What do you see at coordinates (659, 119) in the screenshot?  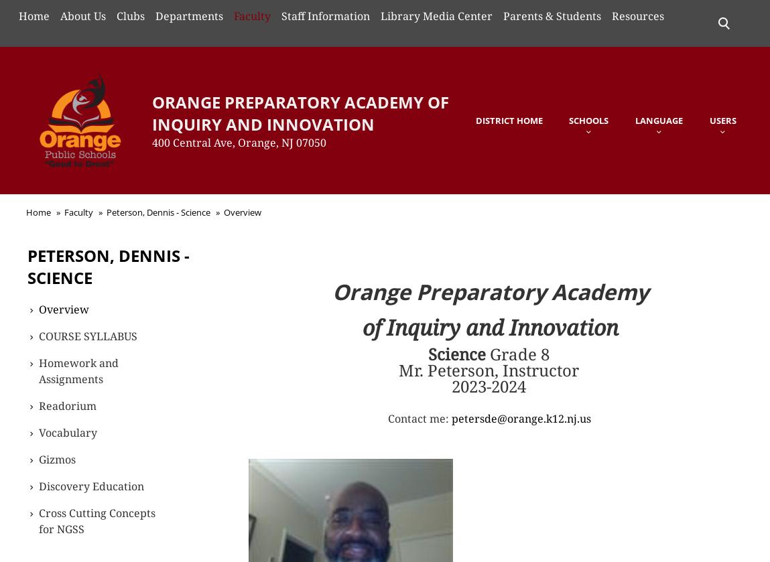 I see `'Language'` at bounding box center [659, 119].